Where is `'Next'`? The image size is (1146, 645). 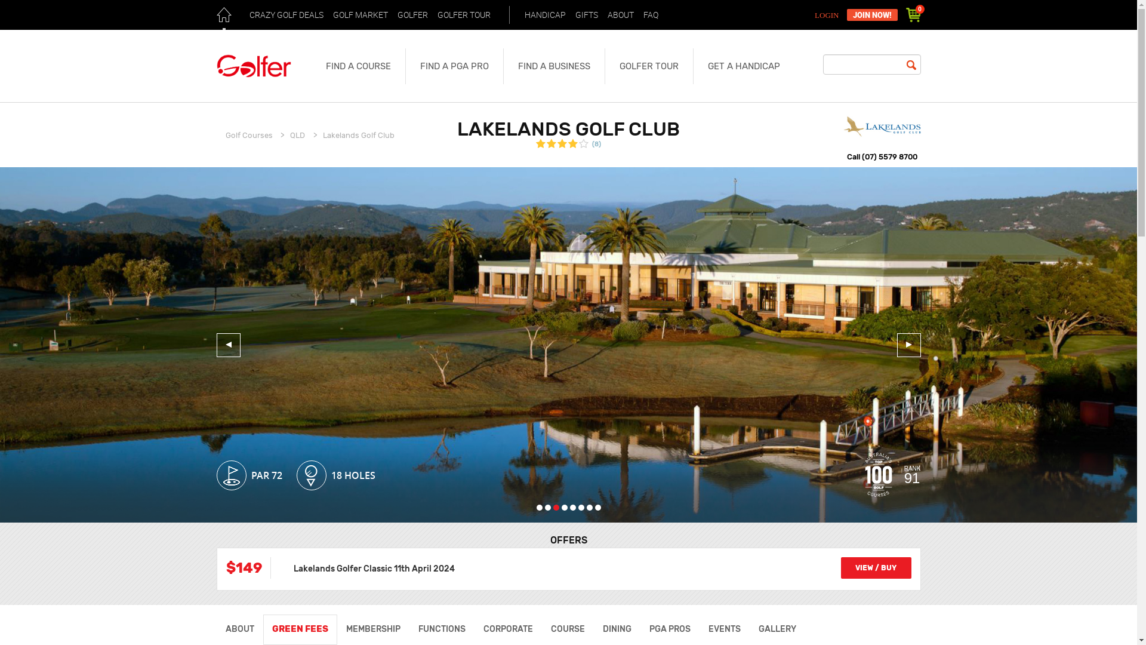 'Next' is located at coordinates (907, 345).